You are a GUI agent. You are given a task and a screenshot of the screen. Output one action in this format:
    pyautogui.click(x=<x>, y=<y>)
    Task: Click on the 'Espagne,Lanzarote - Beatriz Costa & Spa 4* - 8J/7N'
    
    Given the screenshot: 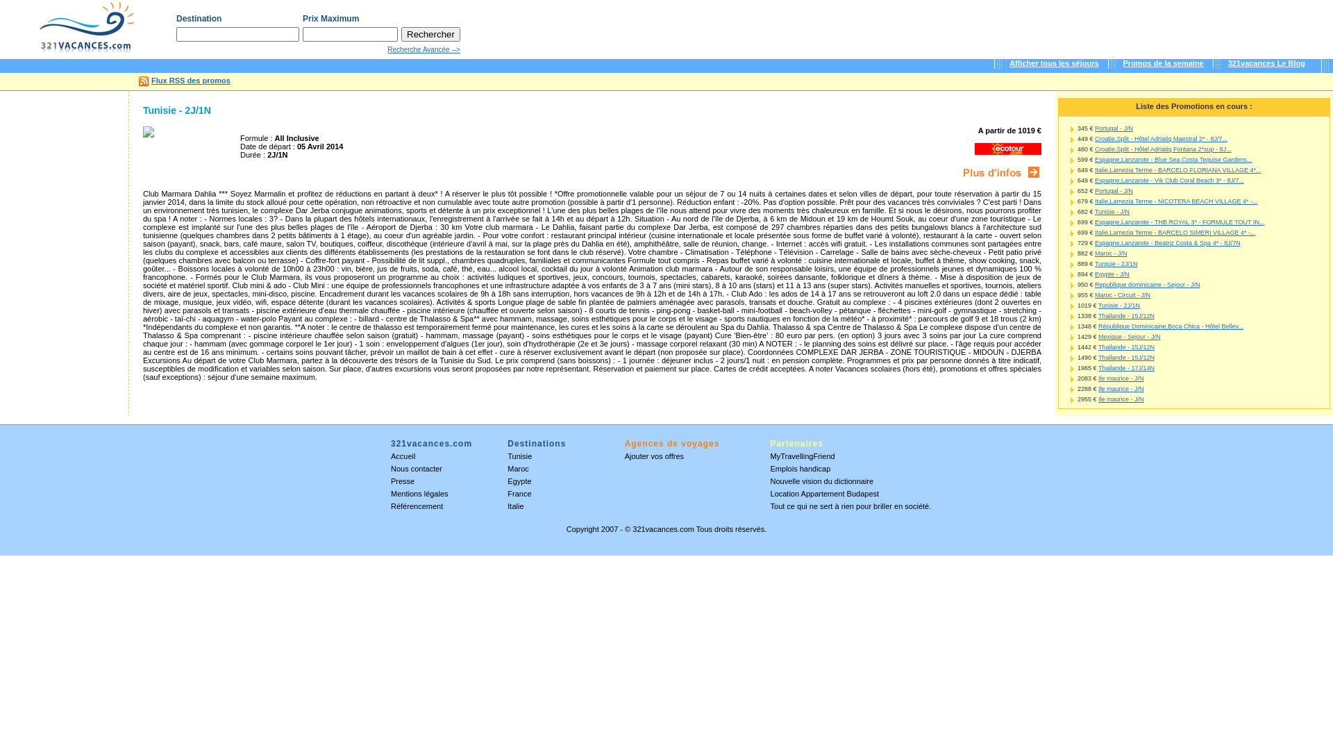 What is the action you would take?
    pyautogui.click(x=1166, y=242)
    